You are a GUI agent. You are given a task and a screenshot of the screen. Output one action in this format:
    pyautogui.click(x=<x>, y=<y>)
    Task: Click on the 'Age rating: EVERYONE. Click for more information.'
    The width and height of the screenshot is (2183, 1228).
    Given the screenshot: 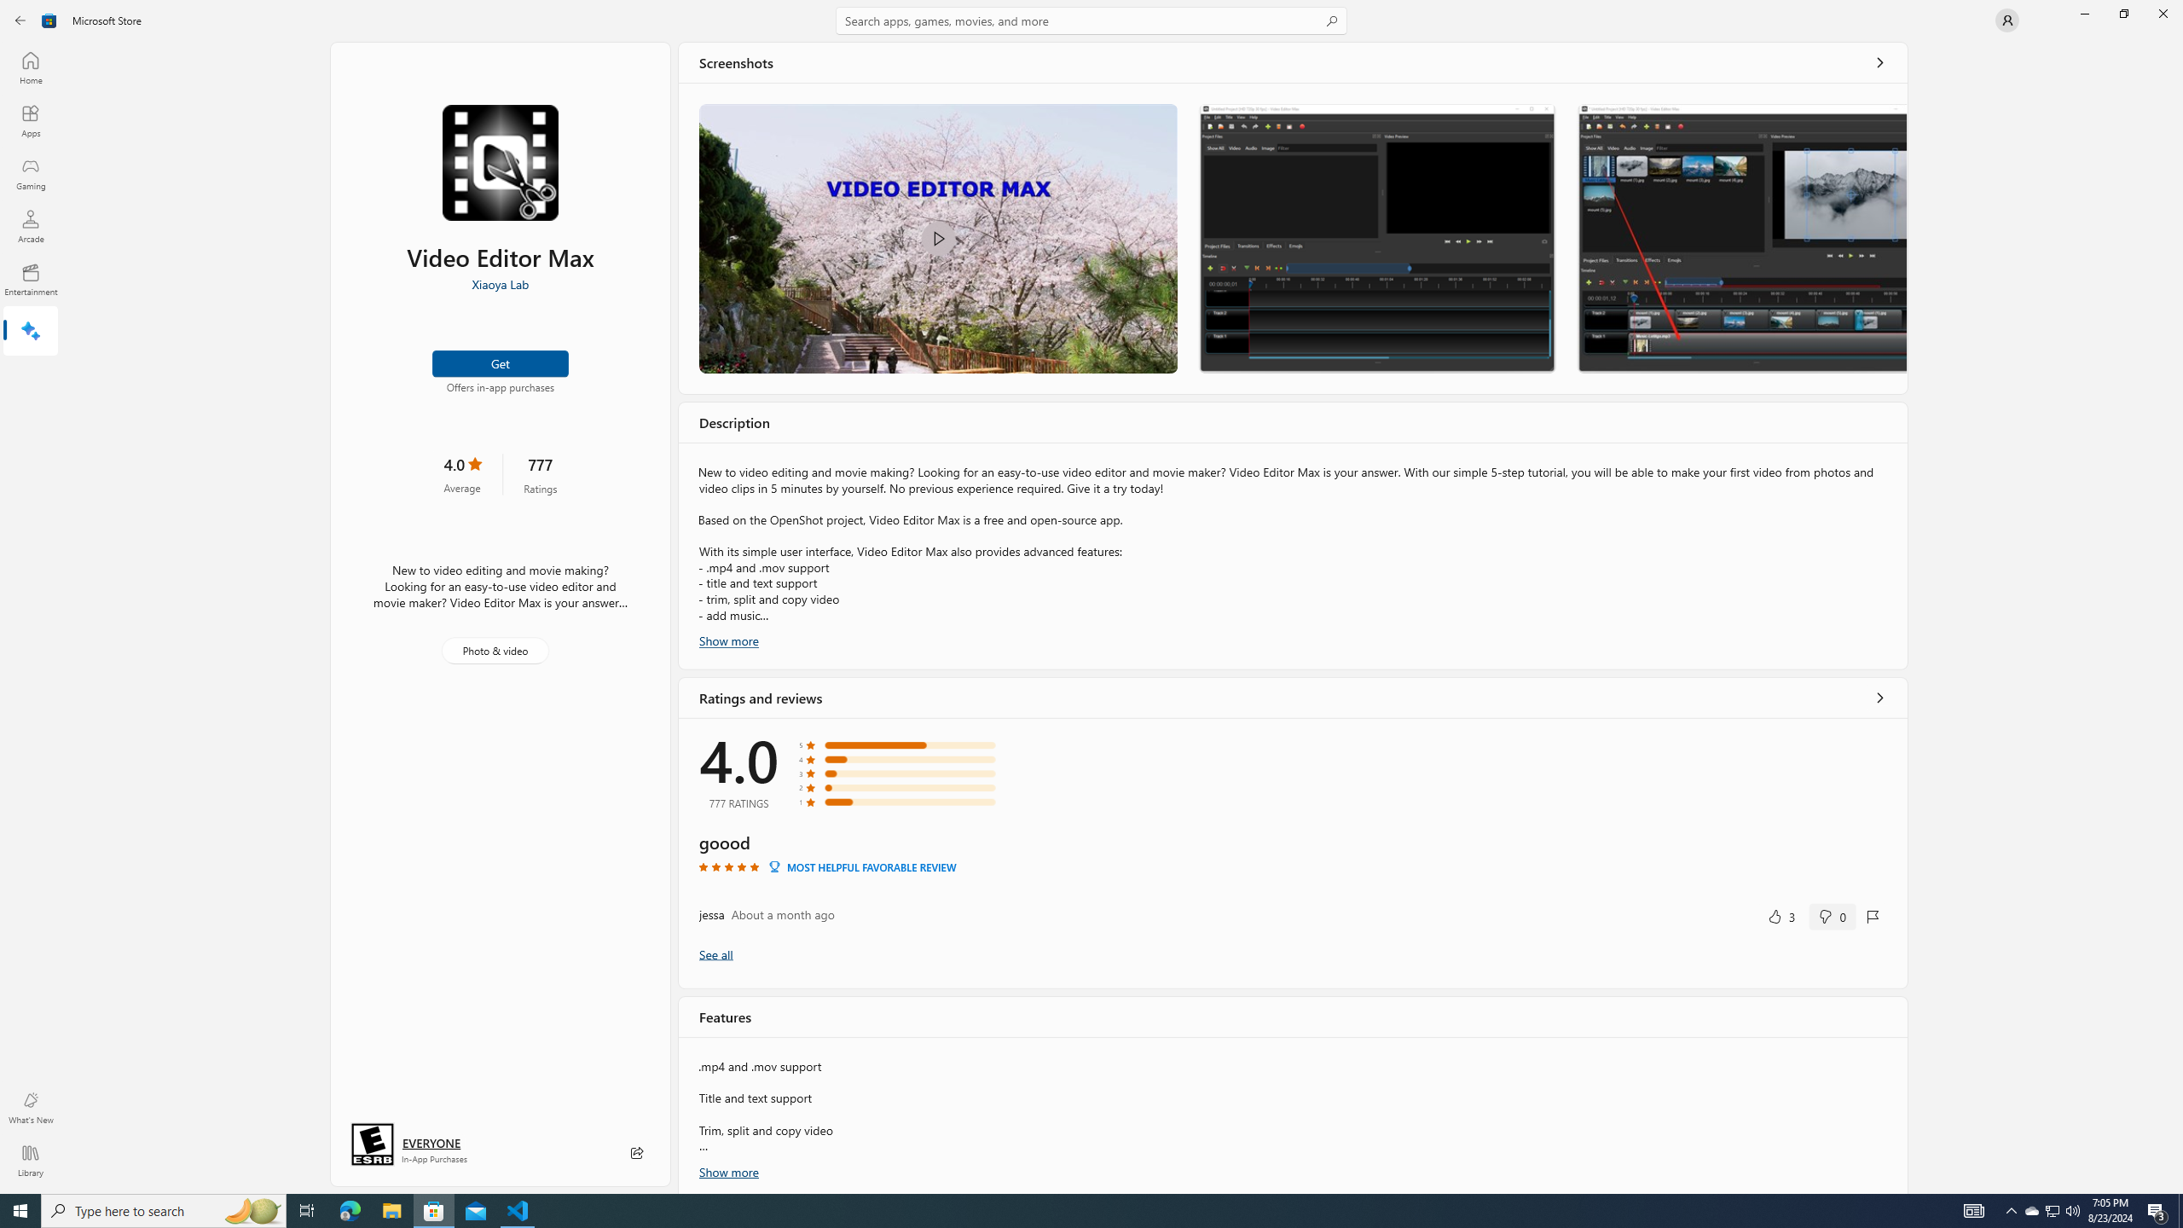 What is the action you would take?
    pyautogui.click(x=431, y=1143)
    